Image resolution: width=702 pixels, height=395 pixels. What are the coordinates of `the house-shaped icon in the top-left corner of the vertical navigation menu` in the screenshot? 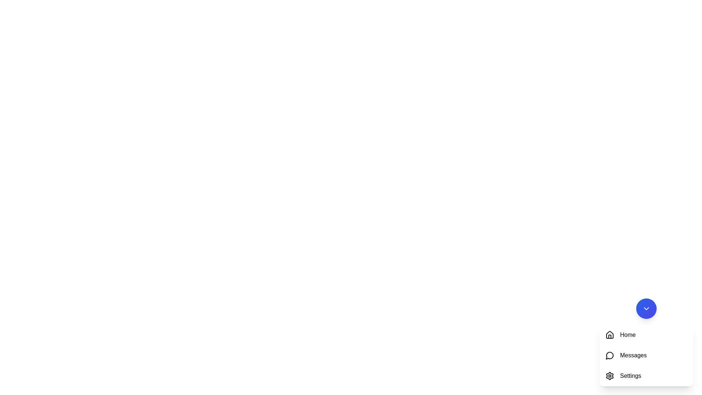 It's located at (610, 335).